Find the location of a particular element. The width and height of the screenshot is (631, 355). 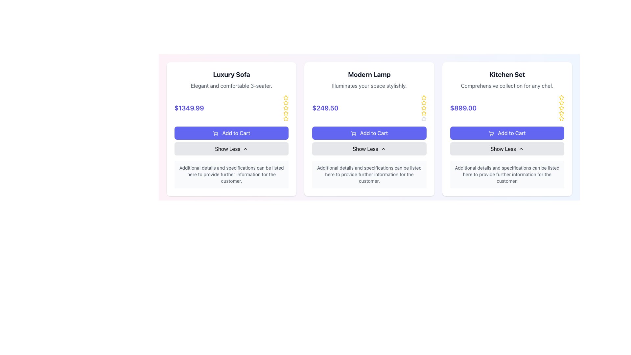

the fourth star icon in the vertical column of rating stars is located at coordinates (286, 113).